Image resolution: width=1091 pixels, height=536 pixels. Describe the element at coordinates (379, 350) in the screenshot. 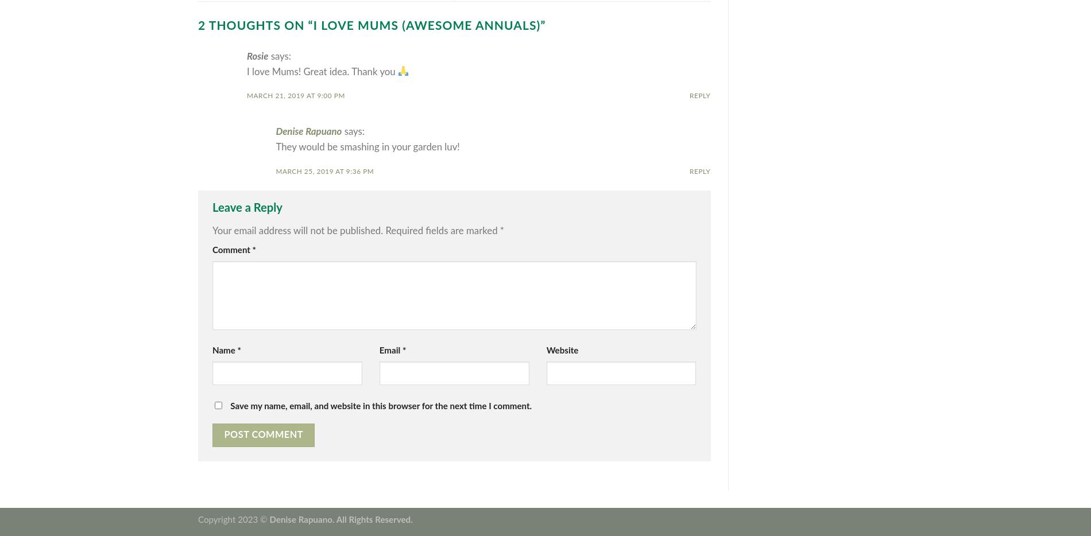

I see `'Email'` at that location.